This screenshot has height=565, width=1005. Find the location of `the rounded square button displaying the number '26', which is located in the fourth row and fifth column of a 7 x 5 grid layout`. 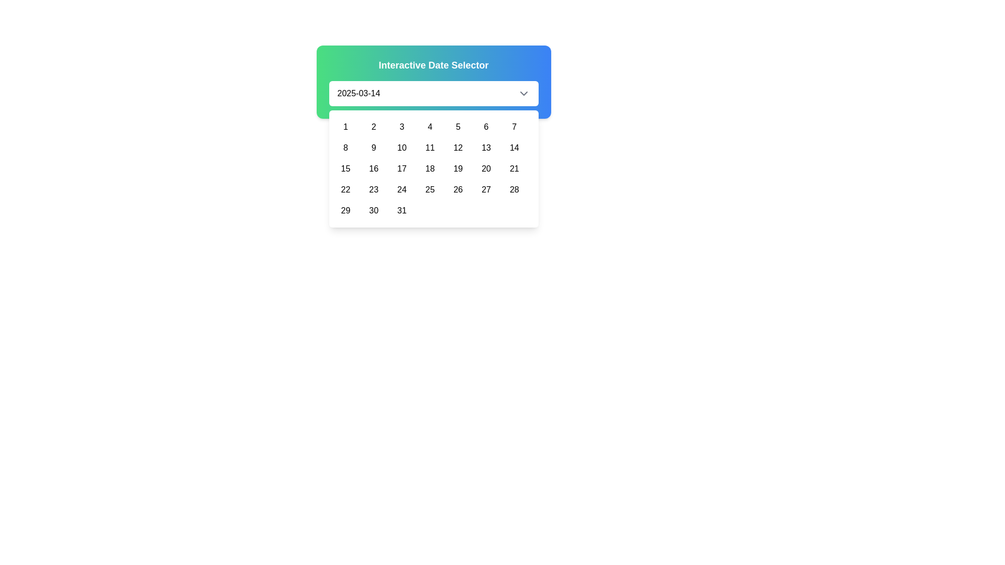

the rounded square button displaying the number '26', which is located in the fourth row and fifth column of a 7 x 5 grid layout is located at coordinates (458, 189).